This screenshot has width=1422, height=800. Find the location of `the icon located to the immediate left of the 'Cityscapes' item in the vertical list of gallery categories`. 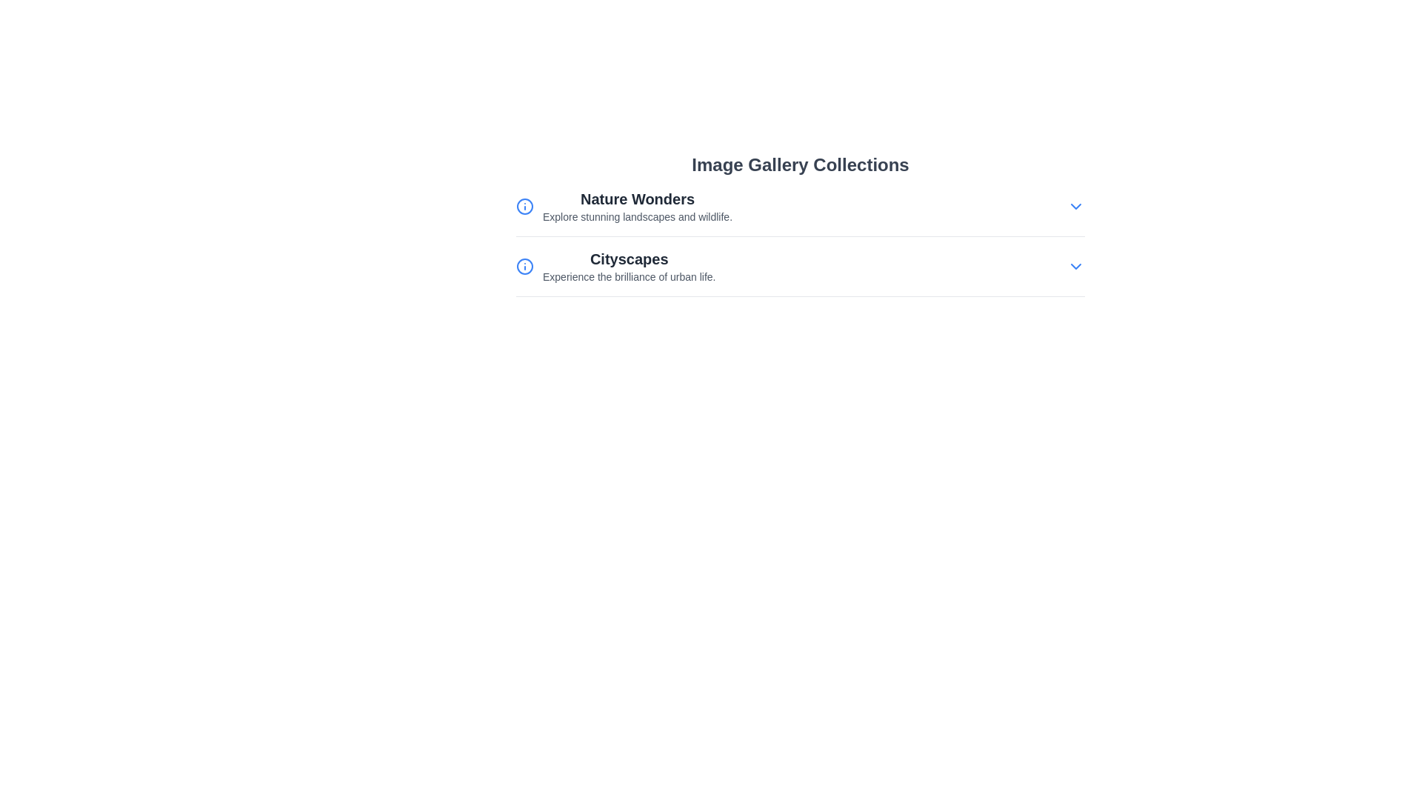

the icon located to the immediate left of the 'Cityscapes' item in the vertical list of gallery categories is located at coordinates (525, 265).